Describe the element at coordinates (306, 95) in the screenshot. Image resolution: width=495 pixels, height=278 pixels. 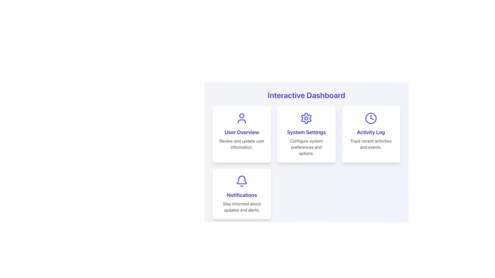
I see `the header element located at the topmost section of the interface, which serves as the title providing context about the page` at that location.